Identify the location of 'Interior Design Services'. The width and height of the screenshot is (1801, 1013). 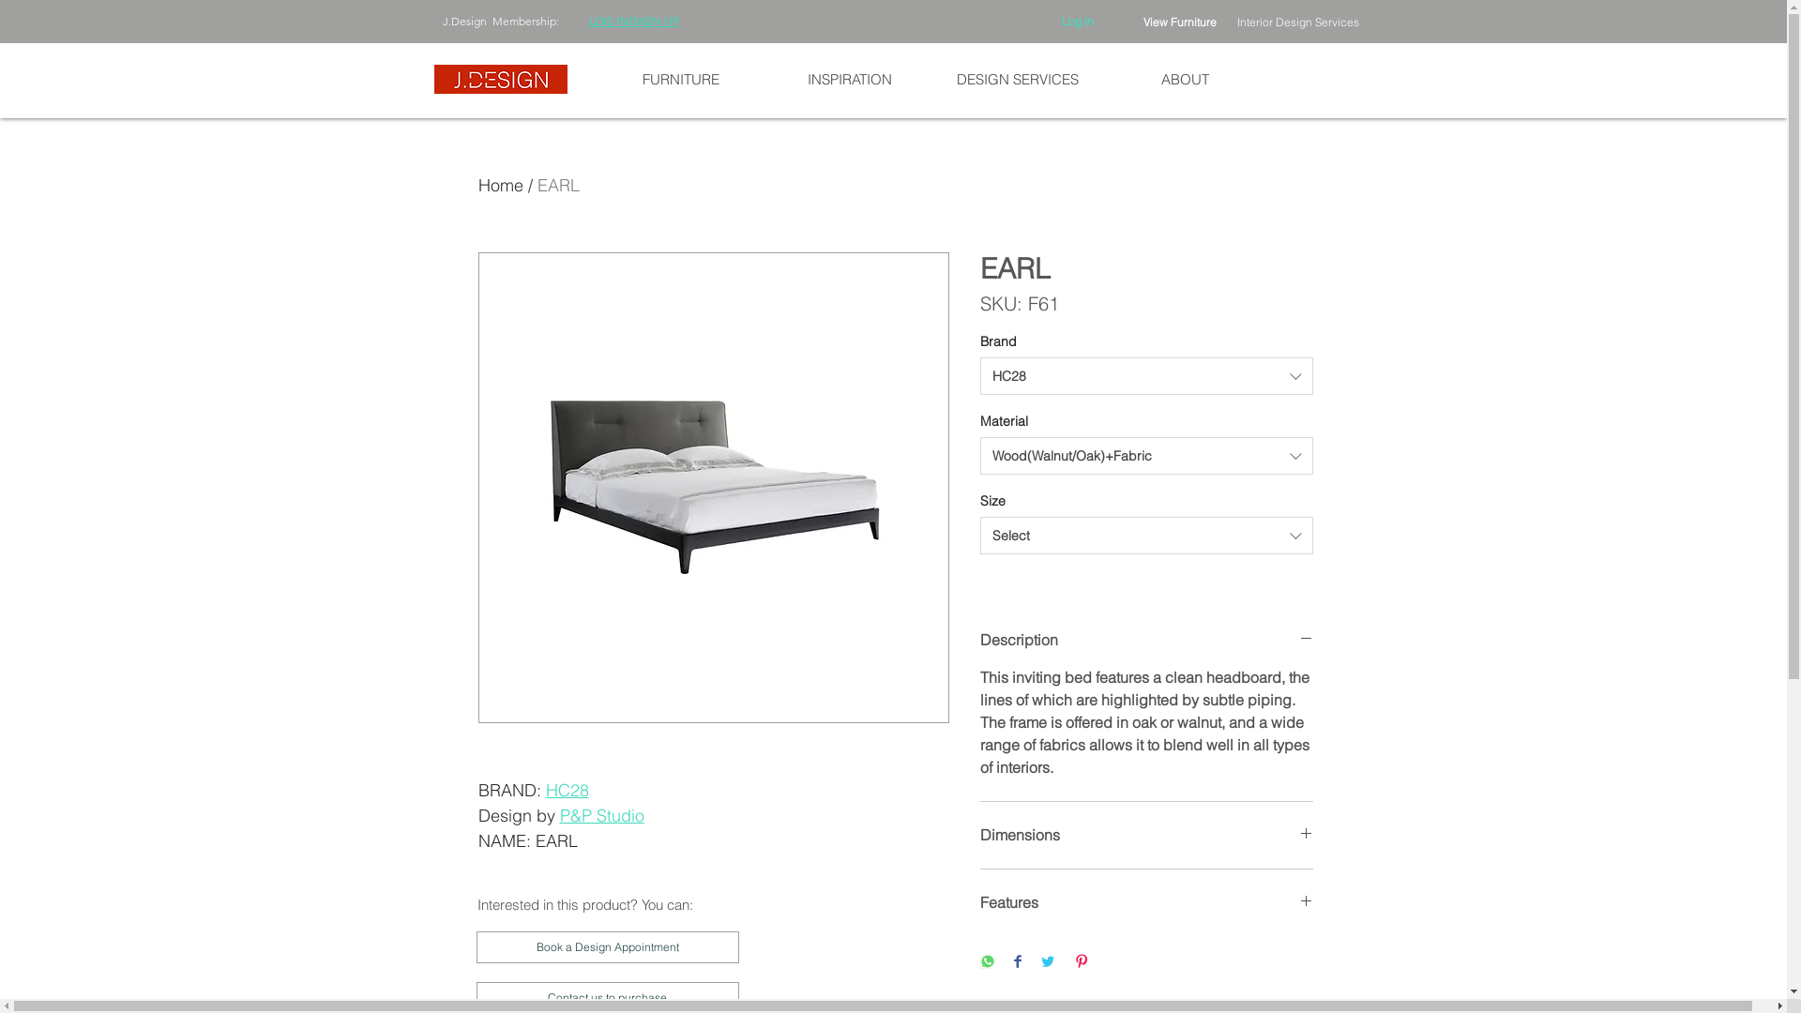
(1295, 22).